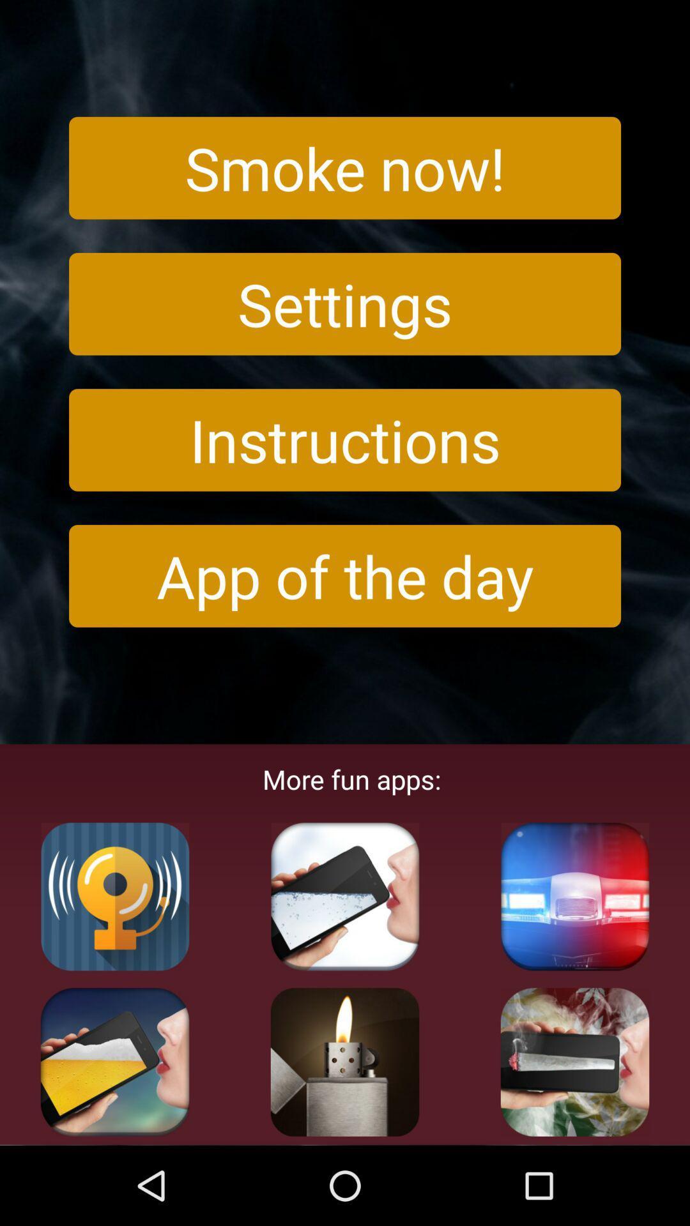 The height and width of the screenshot is (1226, 690). Describe the element at coordinates (115, 1062) in the screenshot. I see `appliciation apps` at that location.